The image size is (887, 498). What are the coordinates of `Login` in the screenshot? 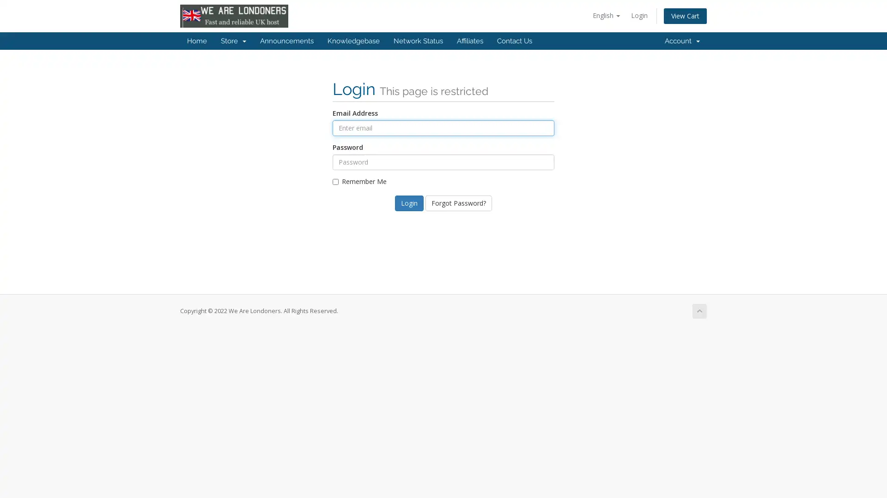 It's located at (409, 202).